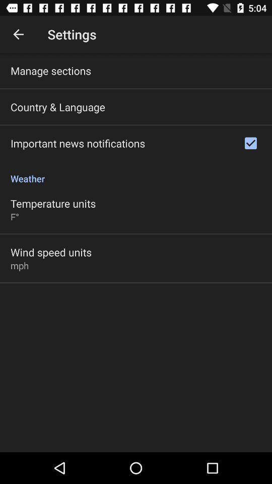 This screenshot has width=272, height=484. What do you see at coordinates (50, 70) in the screenshot?
I see `icon above country & language icon` at bounding box center [50, 70].